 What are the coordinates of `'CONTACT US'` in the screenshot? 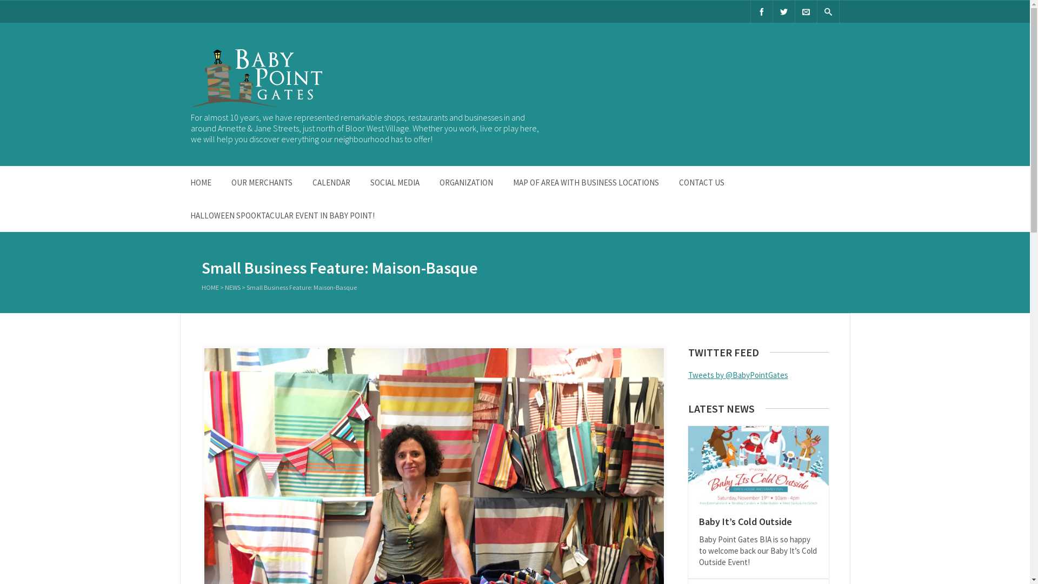 It's located at (701, 182).